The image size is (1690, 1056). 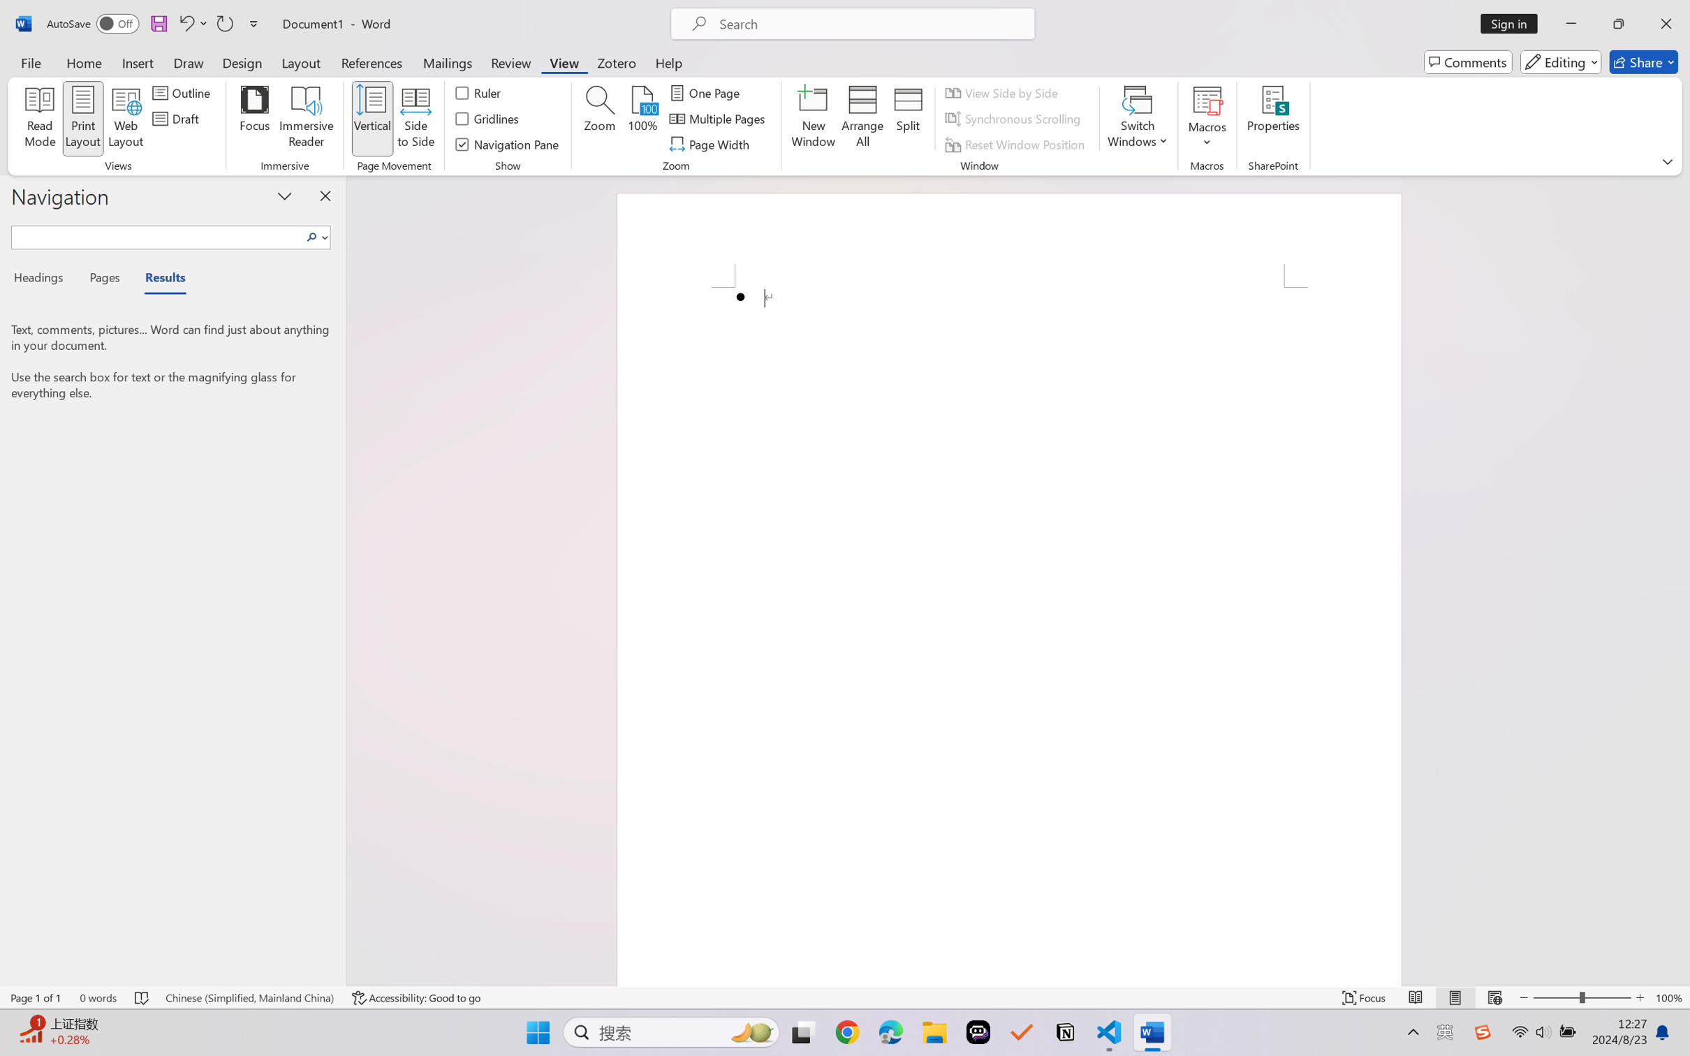 What do you see at coordinates (157, 234) in the screenshot?
I see `'Search document'` at bounding box center [157, 234].